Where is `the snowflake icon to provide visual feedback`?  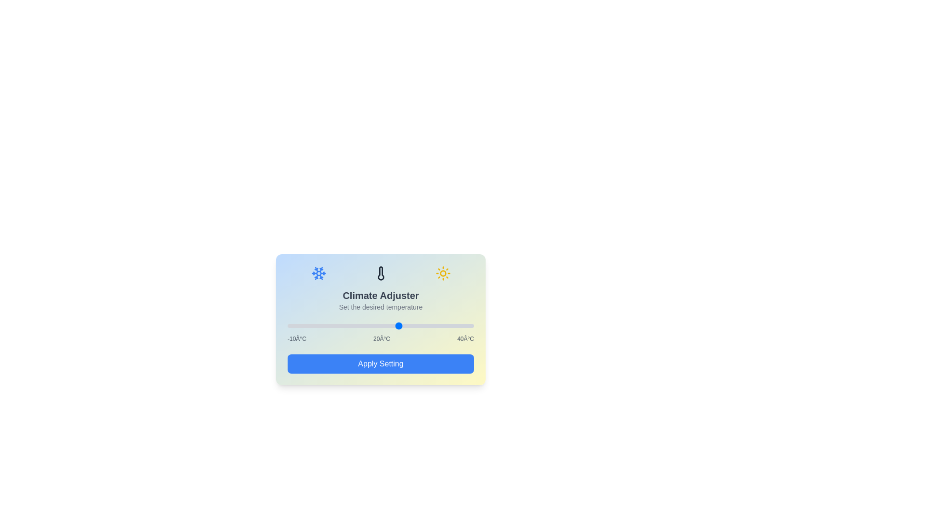 the snowflake icon to provide visual feedback is located at coordinates (318, 273).